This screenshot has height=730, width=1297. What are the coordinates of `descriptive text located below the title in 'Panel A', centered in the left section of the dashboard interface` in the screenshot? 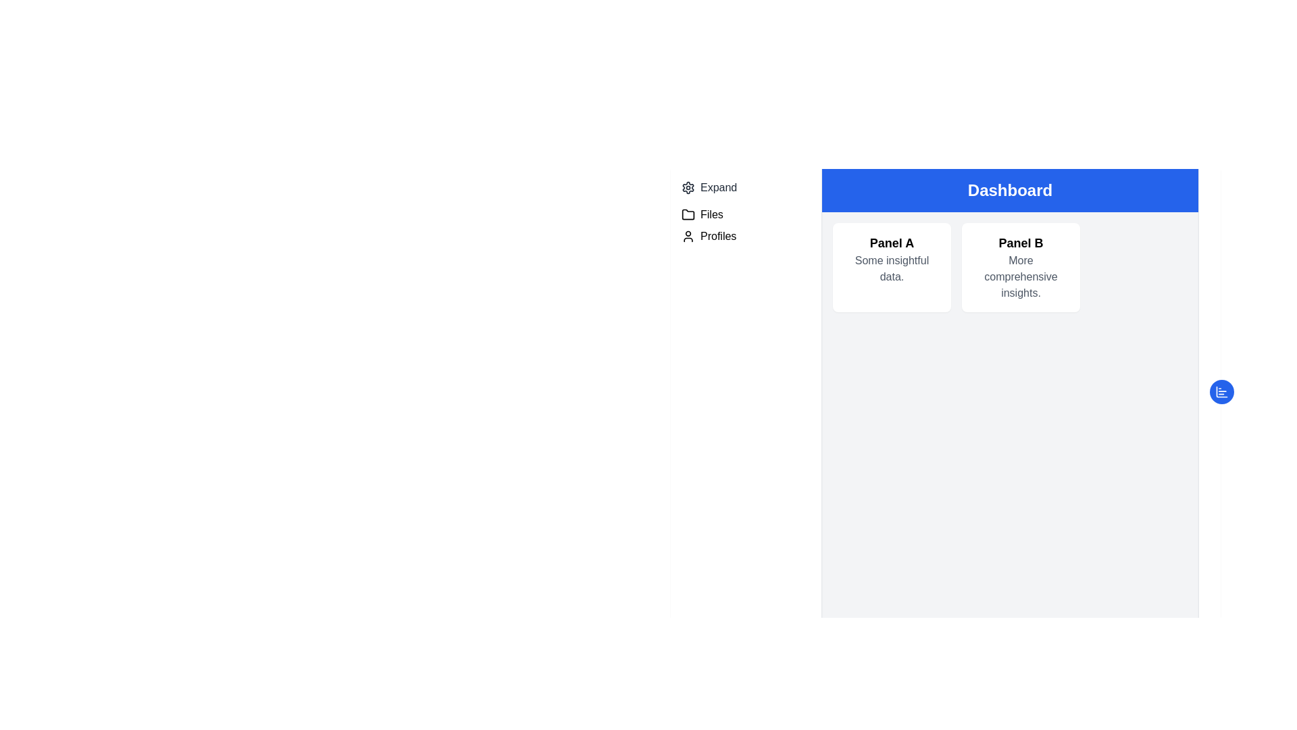 It's located at (892, 268).